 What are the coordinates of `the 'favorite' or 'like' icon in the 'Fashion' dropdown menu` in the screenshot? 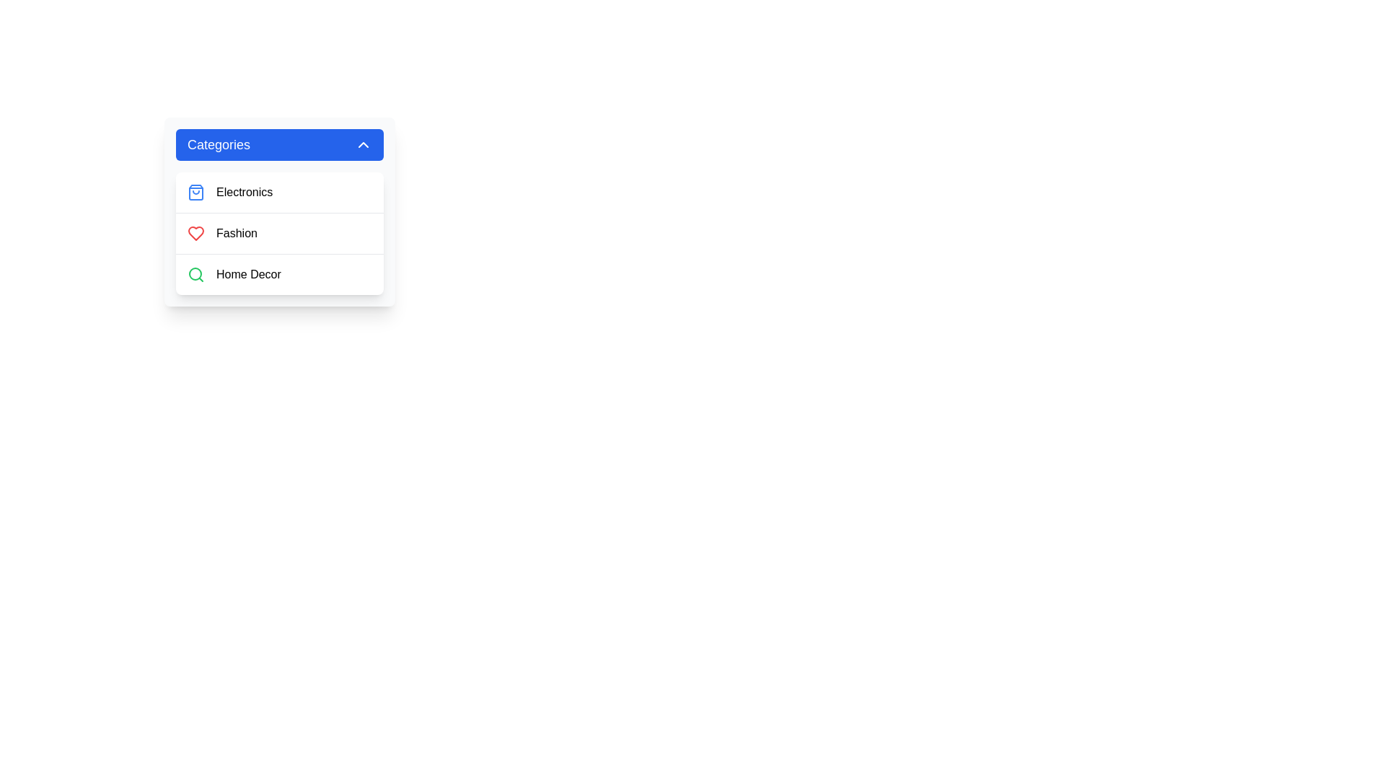 It's located at (195, 233).